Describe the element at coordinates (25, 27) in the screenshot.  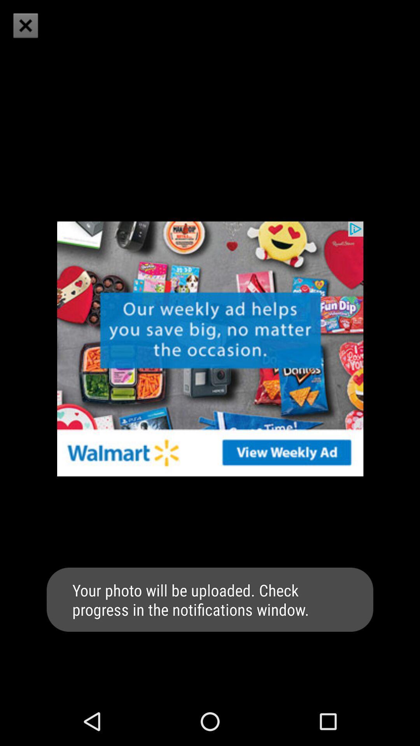
I see `the close icon` at that location.